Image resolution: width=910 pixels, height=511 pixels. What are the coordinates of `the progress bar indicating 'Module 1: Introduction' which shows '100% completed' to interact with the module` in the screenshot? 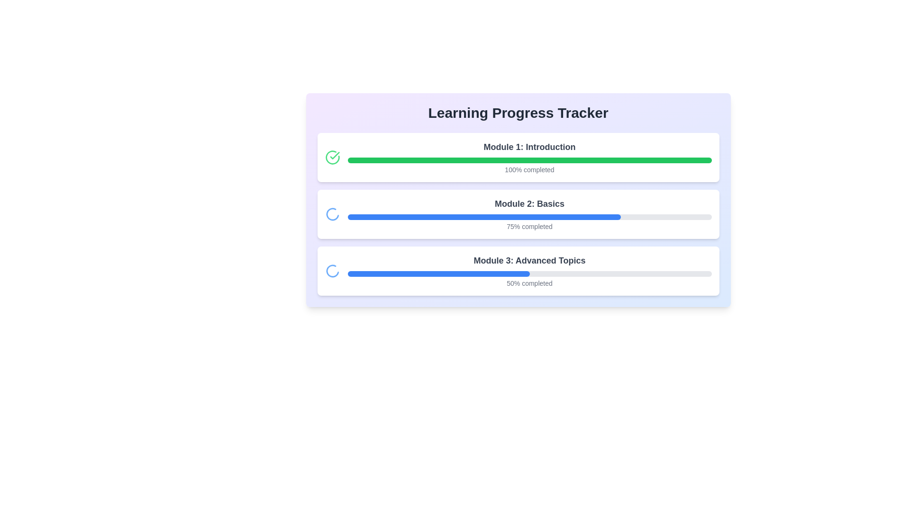 It's located at (529, 157).